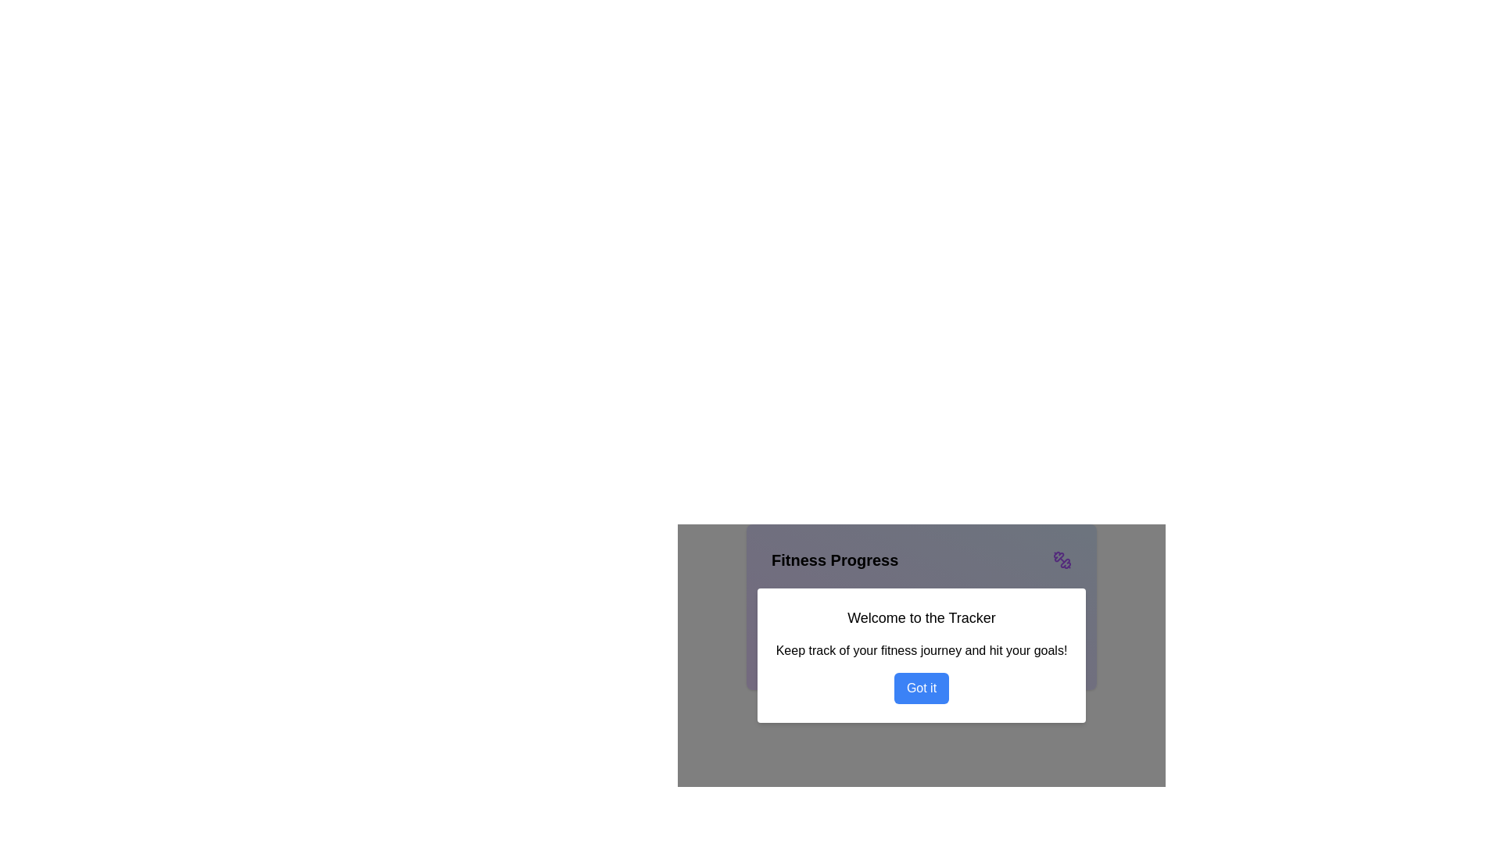 Image resolution: width=1501 pixels, height=844 pixels. I want to click on the confirmation button located at the bottom center of the modal dialog box, below the header 'Welcome to the Tracker' and the descriptive text 'Keep track of your fitness journey and hit your goals!', so click(922, 687).